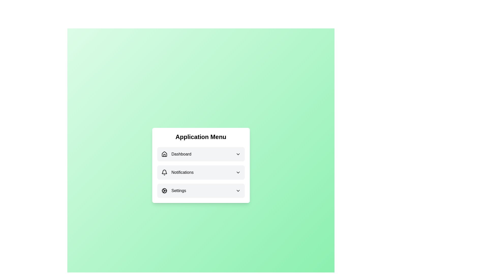  What do you see at coordinates (238, 172) in the screenshot?
I see `the icon at the far-right end of the 'Notifications' label` at bounding box center [238, 172].